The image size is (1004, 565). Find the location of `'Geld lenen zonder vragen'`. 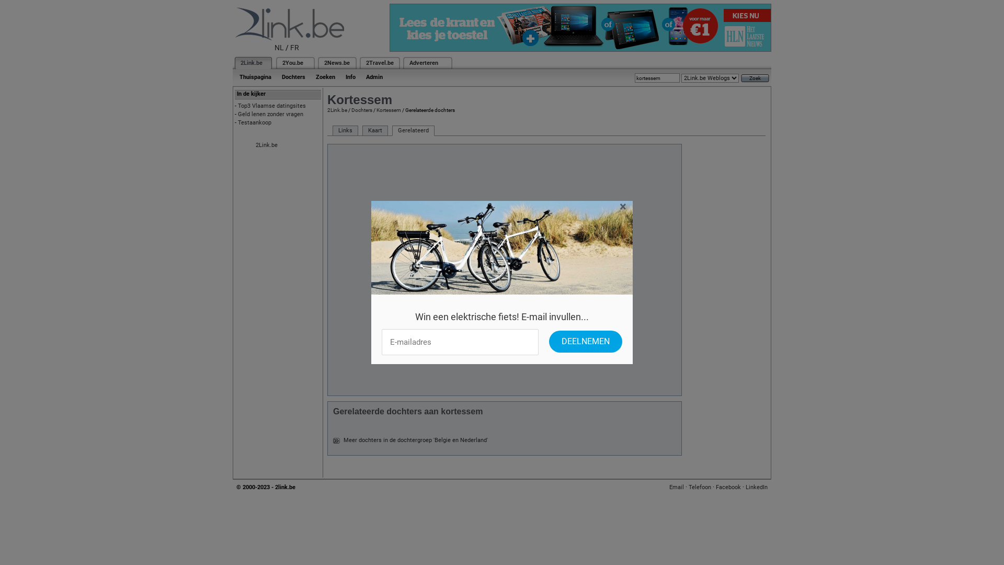

'Geld lenen zonder vragen' is located at coordinates (270, 114).